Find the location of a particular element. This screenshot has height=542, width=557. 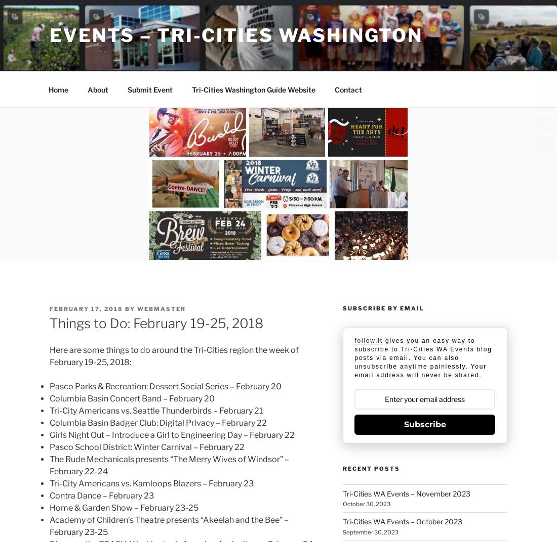

'Recent Posts' is located at coordinates (370, 468).